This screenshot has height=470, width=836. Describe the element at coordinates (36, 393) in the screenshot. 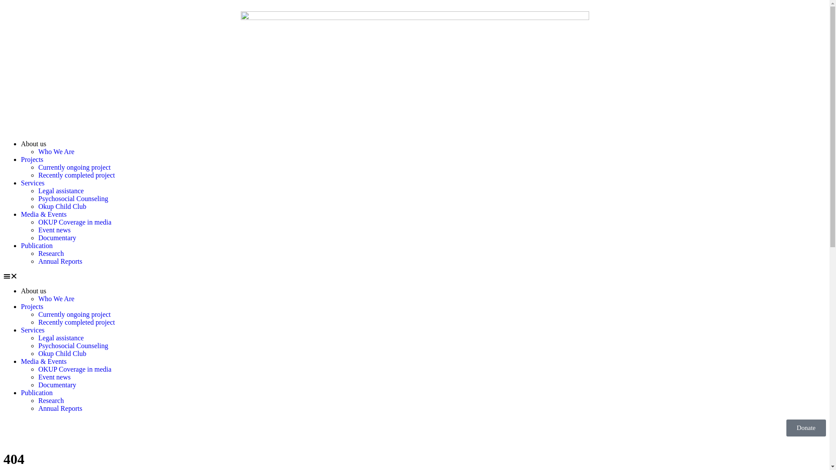

I see `'Publication'` at that location.